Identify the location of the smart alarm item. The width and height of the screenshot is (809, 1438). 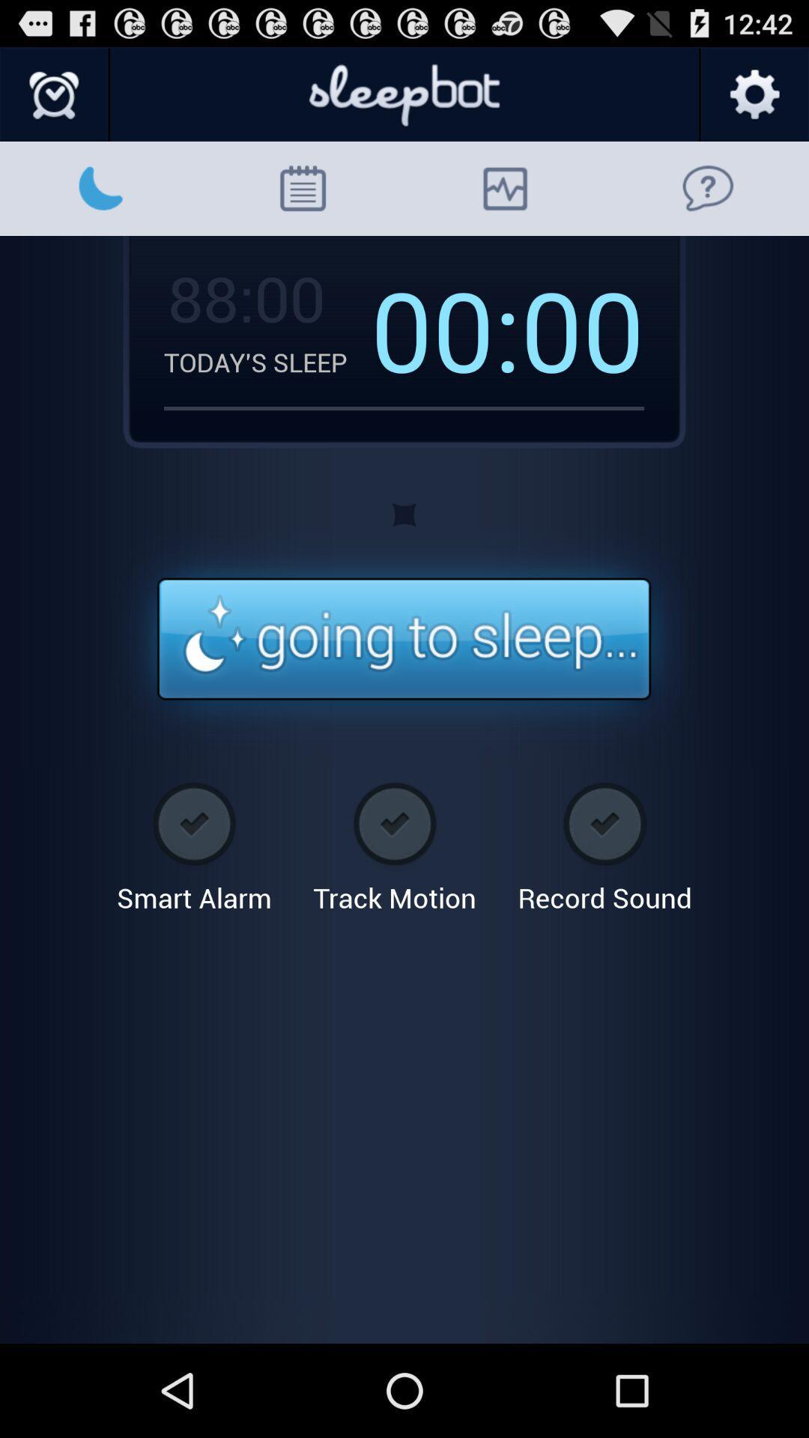
(193, 842).